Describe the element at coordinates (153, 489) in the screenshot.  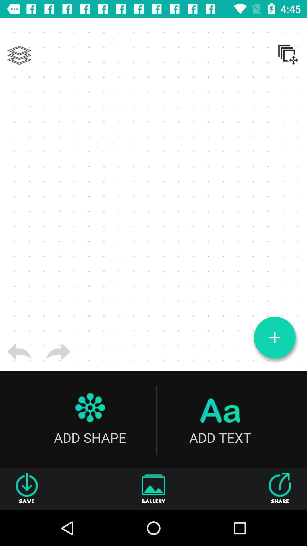
I see `icon next to the save icon` at that location.